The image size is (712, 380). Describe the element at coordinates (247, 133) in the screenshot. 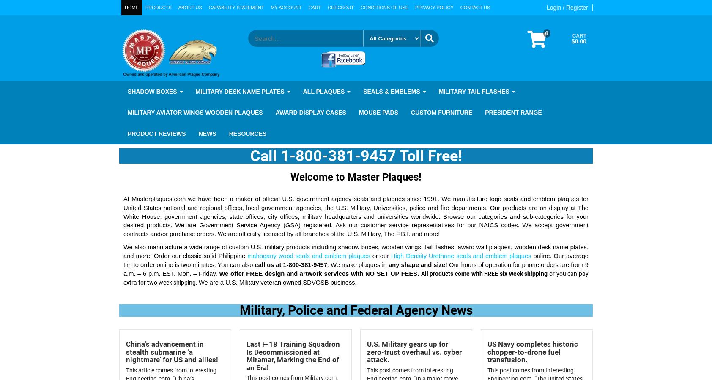

I see `'Resources'` at that location.